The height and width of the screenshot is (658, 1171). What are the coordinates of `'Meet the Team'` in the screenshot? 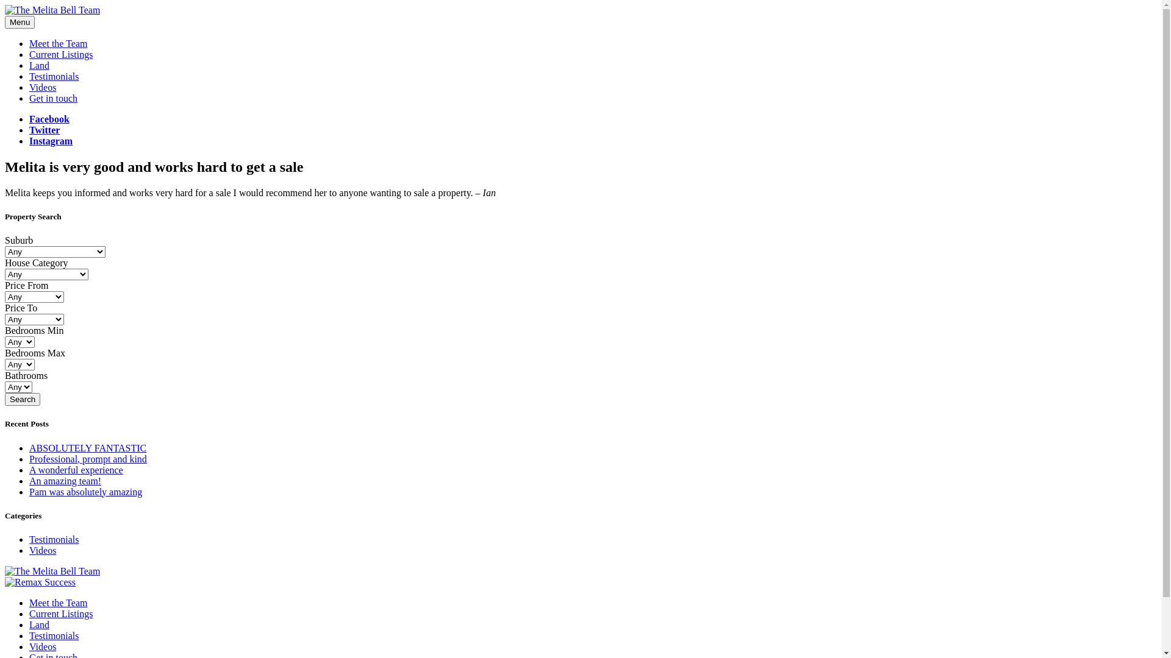 It's located at (57, 43).